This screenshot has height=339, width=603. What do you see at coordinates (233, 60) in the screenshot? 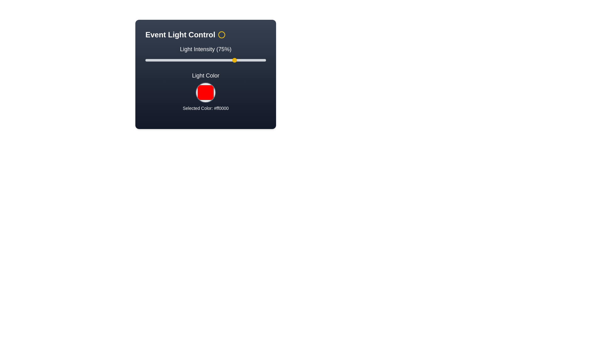
I see `the light intensity to 73% by moving the slider` at bounding box center [233, 60].